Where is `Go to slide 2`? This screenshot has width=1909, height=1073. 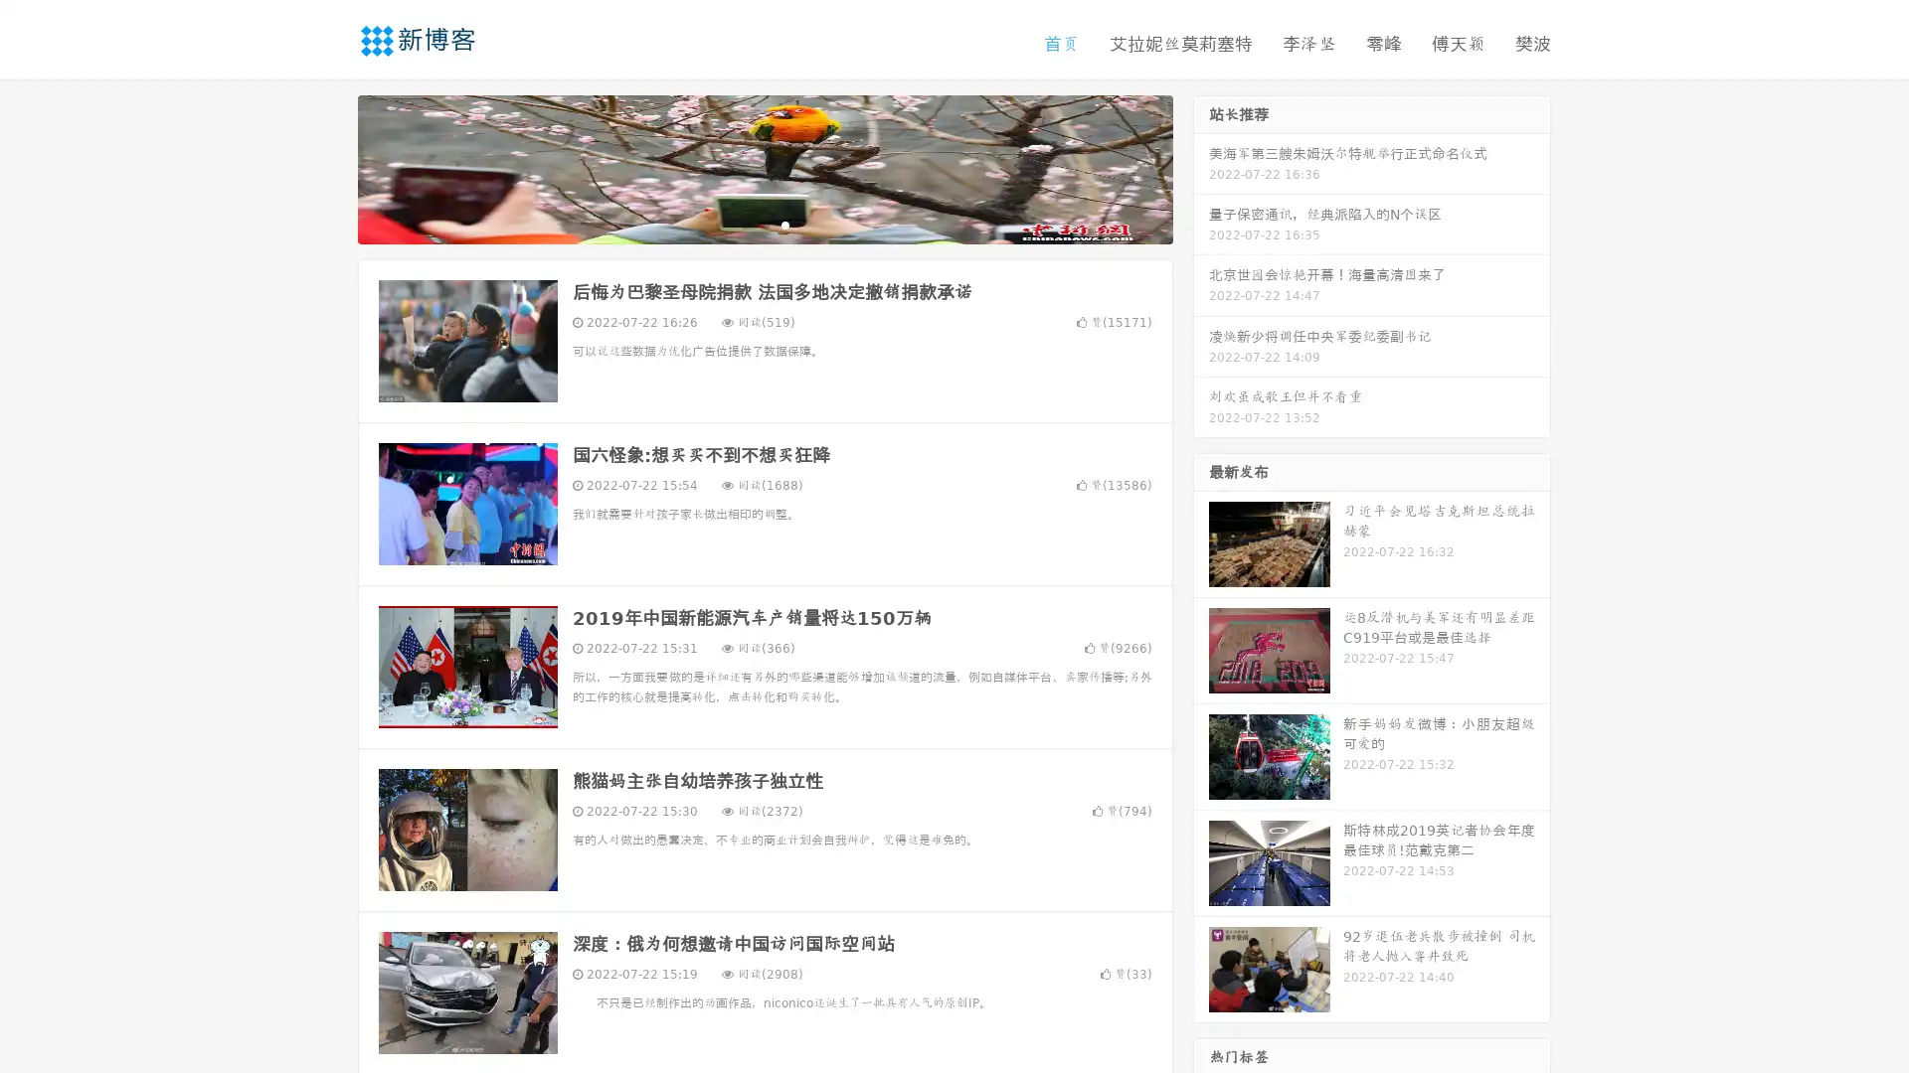 Go to slide 2 is located at coordinates (764, 224).